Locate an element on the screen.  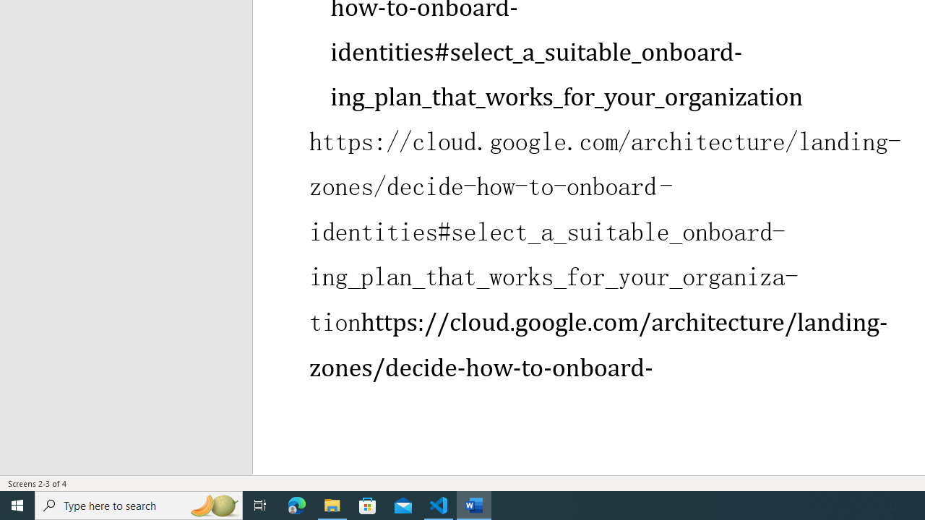
'Page Number Screens 2-3 of 4 ' is located at coordinates (38, 483).